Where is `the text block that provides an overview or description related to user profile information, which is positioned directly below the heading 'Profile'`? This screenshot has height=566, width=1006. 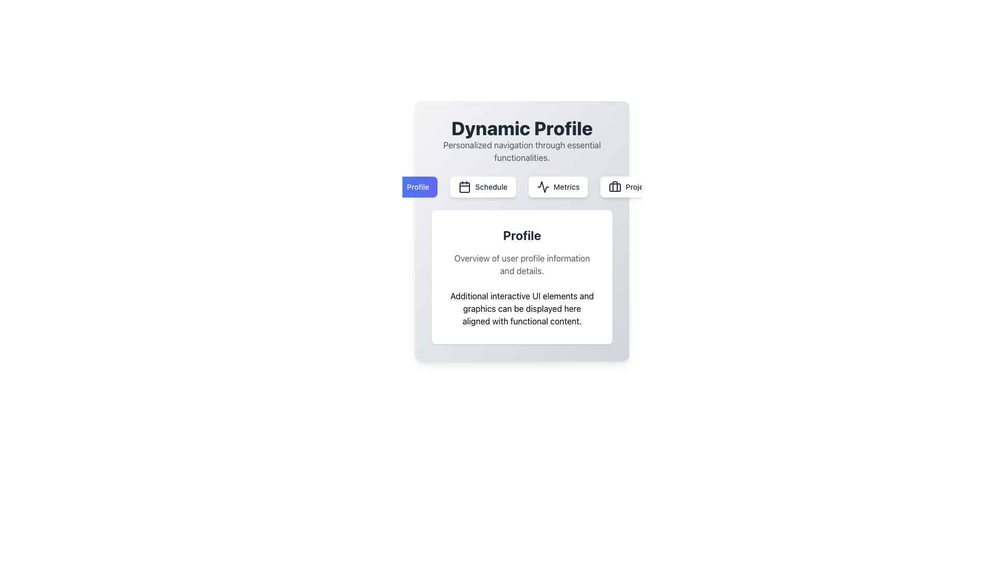 the text block that provides an overview or description related to user profile information, which is positioned directly below the heading 'Profile' is located at coordinates (522, 264).